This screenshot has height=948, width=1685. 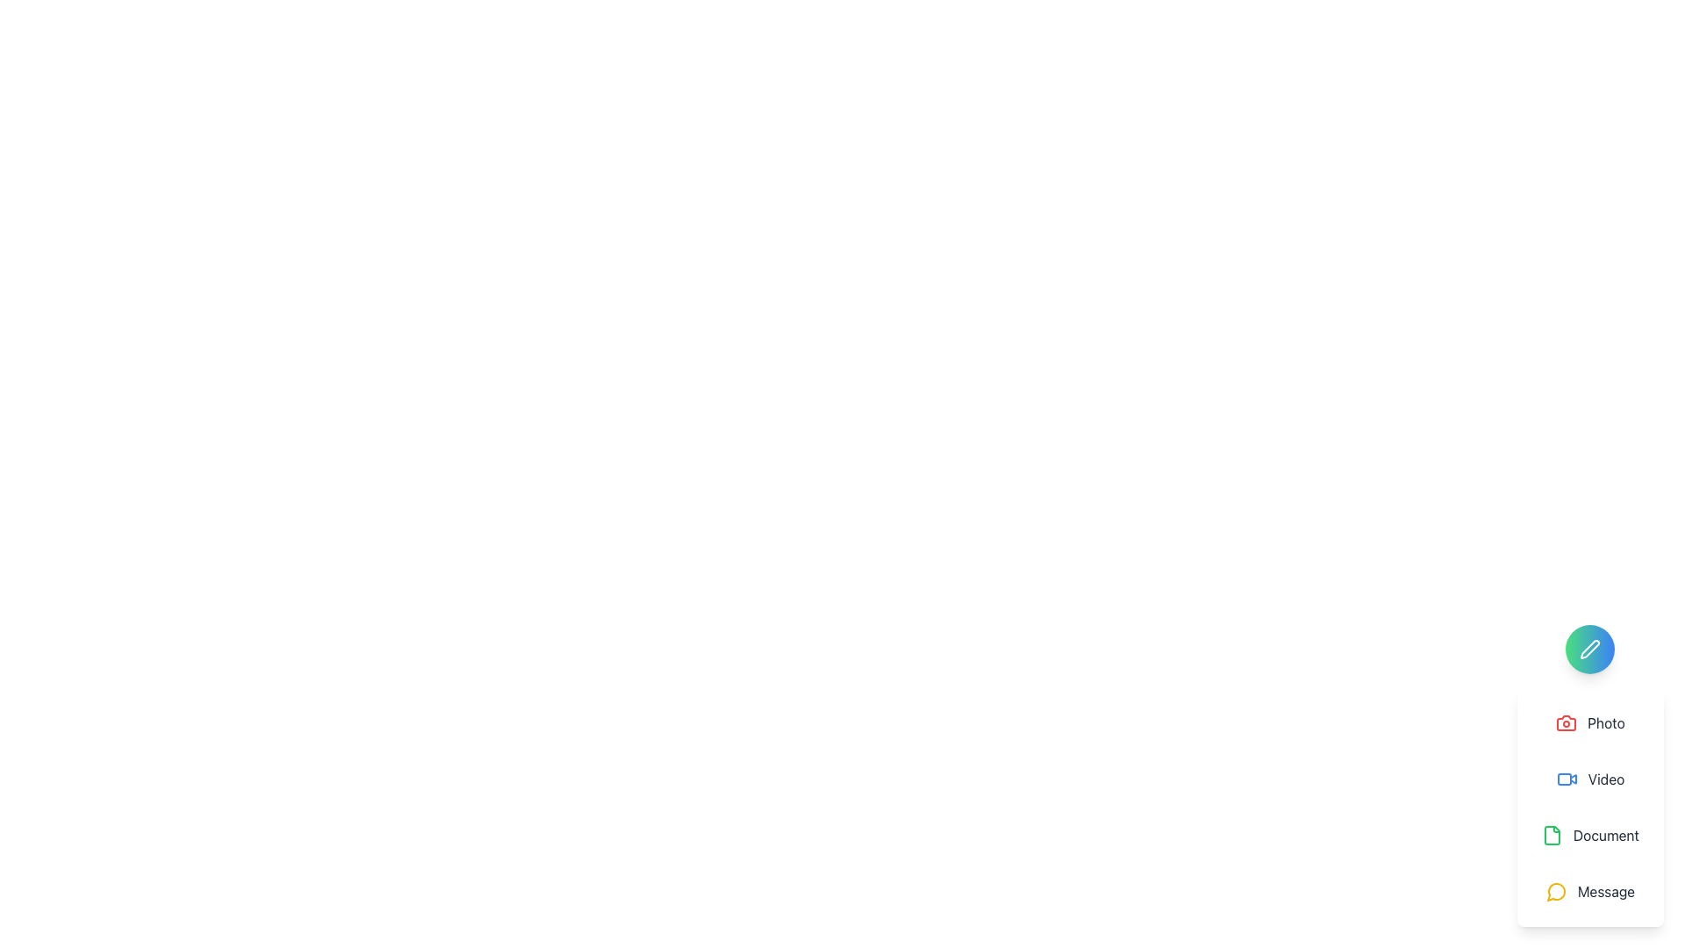 I want to click on the pen icon, which is a white stroke on a gradient circular background, so click(x=1590, y=650).